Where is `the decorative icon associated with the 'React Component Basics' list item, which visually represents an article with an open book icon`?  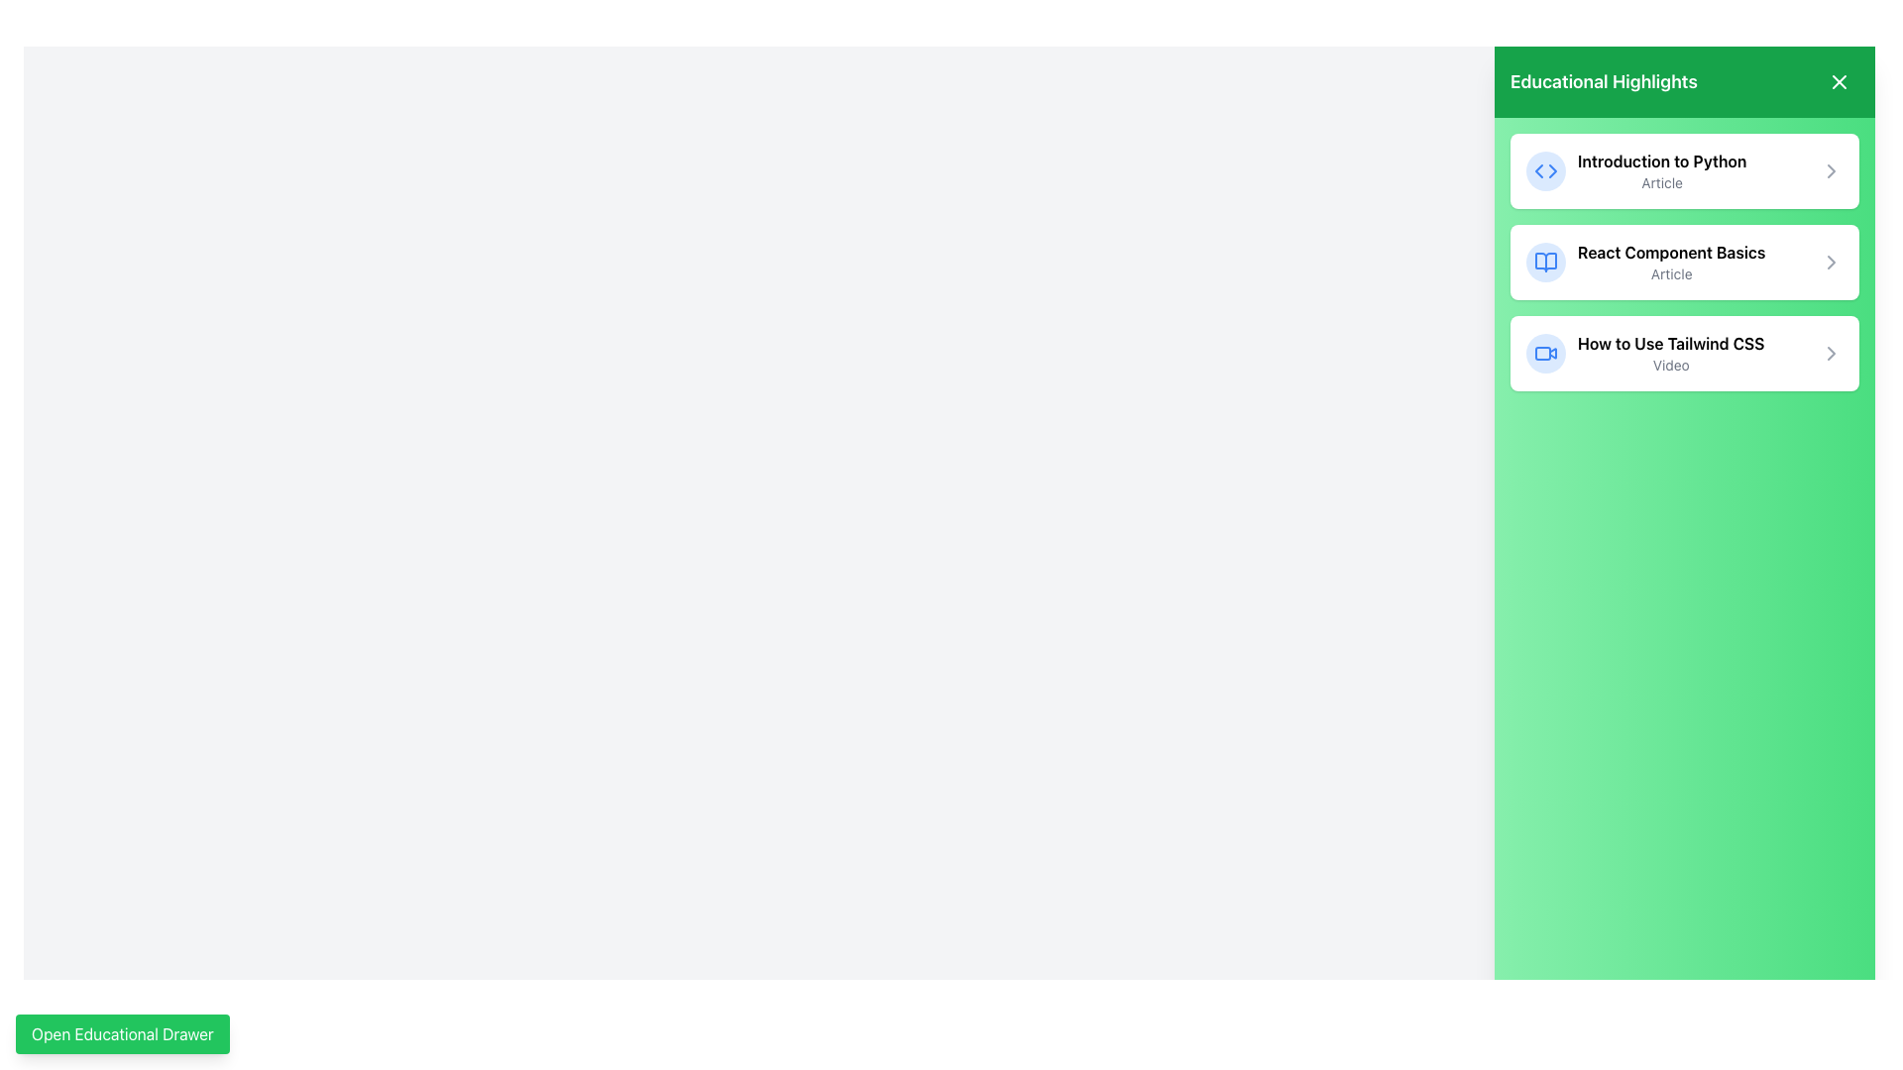
the decorative icon associated with the 'React Component Basics' list item, which visually represents an article with an open book icon is located at coordinates (1545, 262).